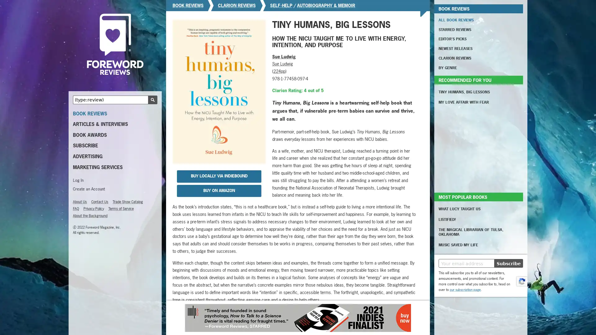  Describe the element at coordinates (508, 263) in the screenshot. I see `Subscribe` at that location.